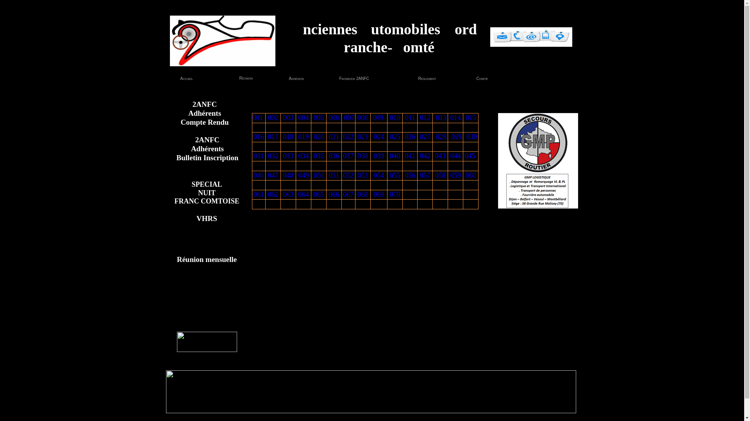  What do you see at coordinates (395, 175) in the screenshot?
I see `'055'` at bounding box center [395, 175].